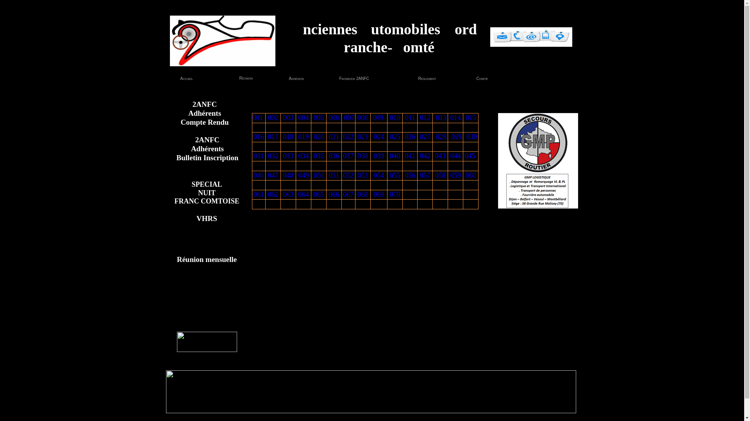  What do you see at coordinates (395, 175) in the screenshot?
I see `'055'` at bounding box center [395, 175].